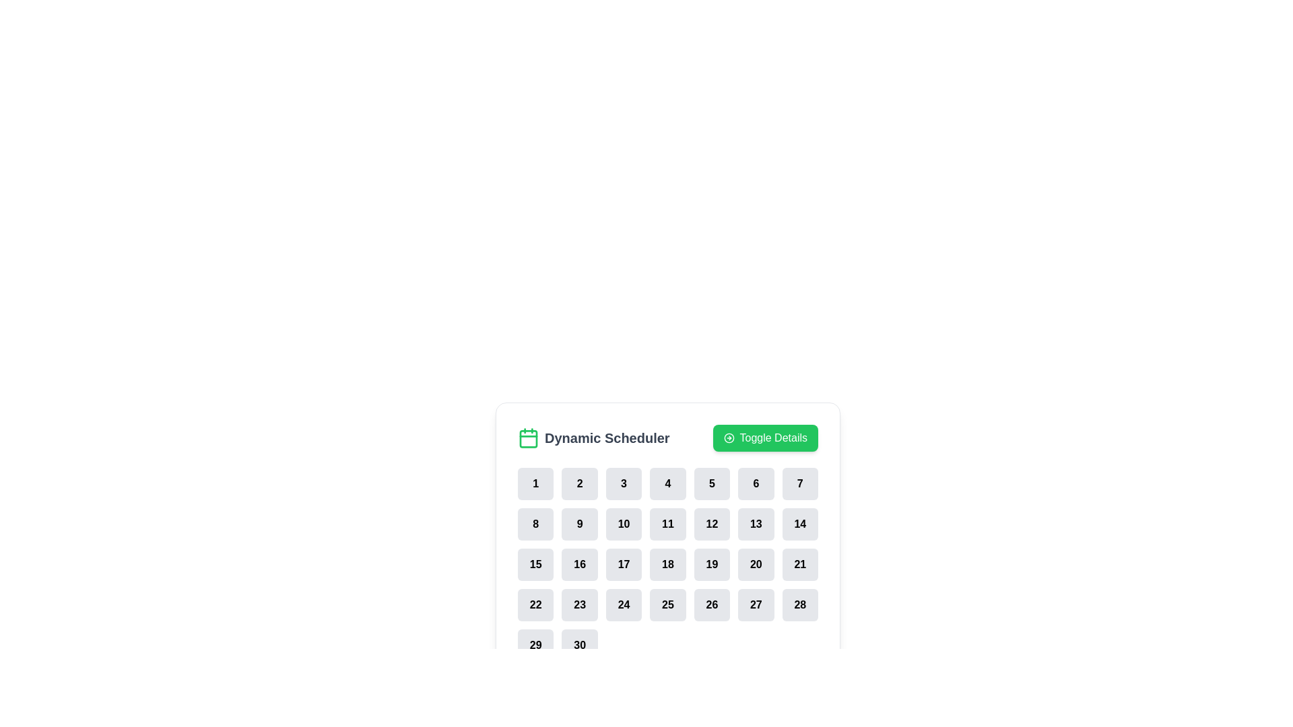 The height and width of the screenshot is (727, 1293). I want to click on the button labeled '25', which is a rounded rectangle with a light gray background and bold black text, located in the fourth row and fourth column of the grid layout, so click(668, 604).